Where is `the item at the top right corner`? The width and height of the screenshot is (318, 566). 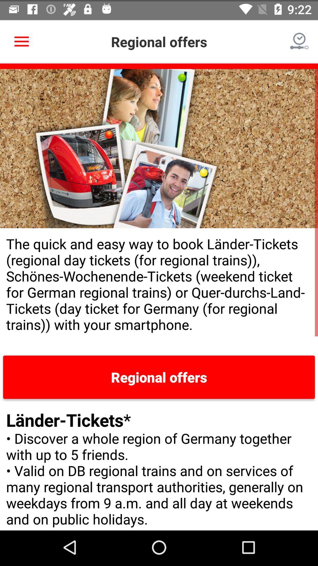 the item at the top right corner is located at coordinates (299, 40).